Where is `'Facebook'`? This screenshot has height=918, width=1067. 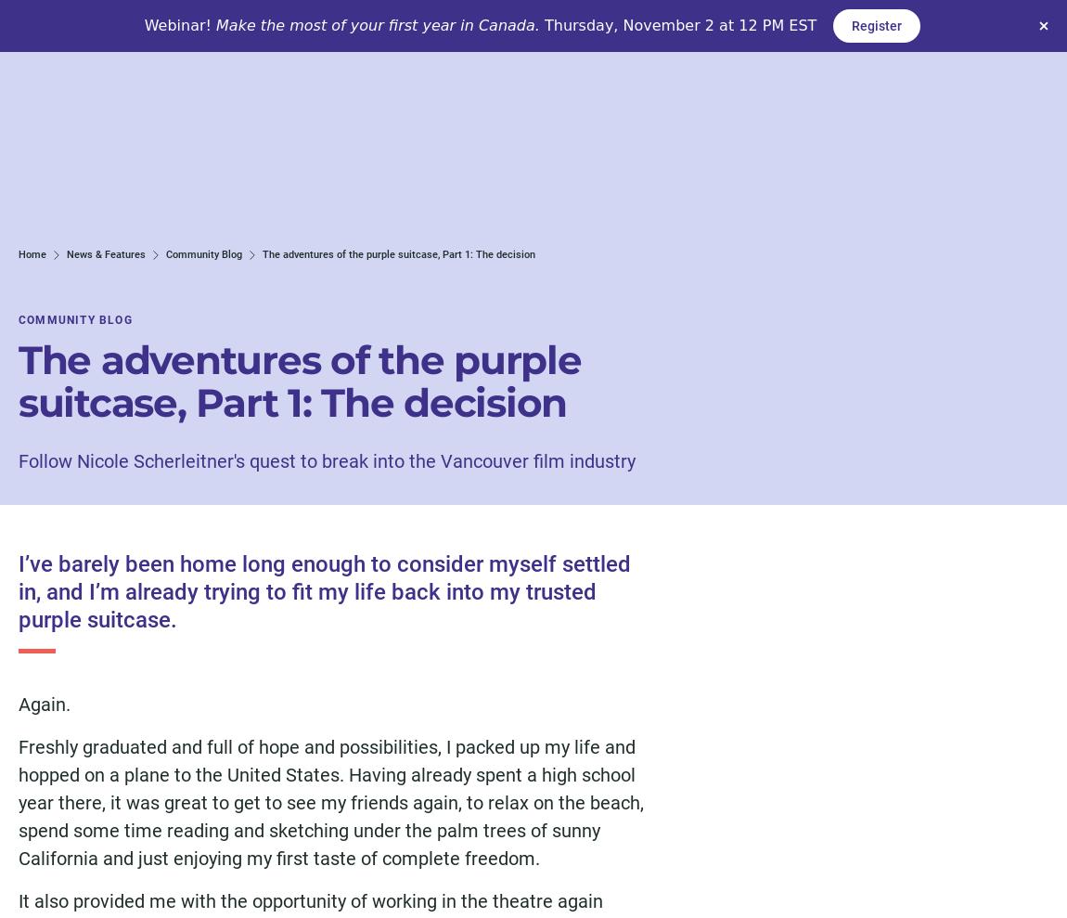 'Facebook' is located at coordinates (220, 568).